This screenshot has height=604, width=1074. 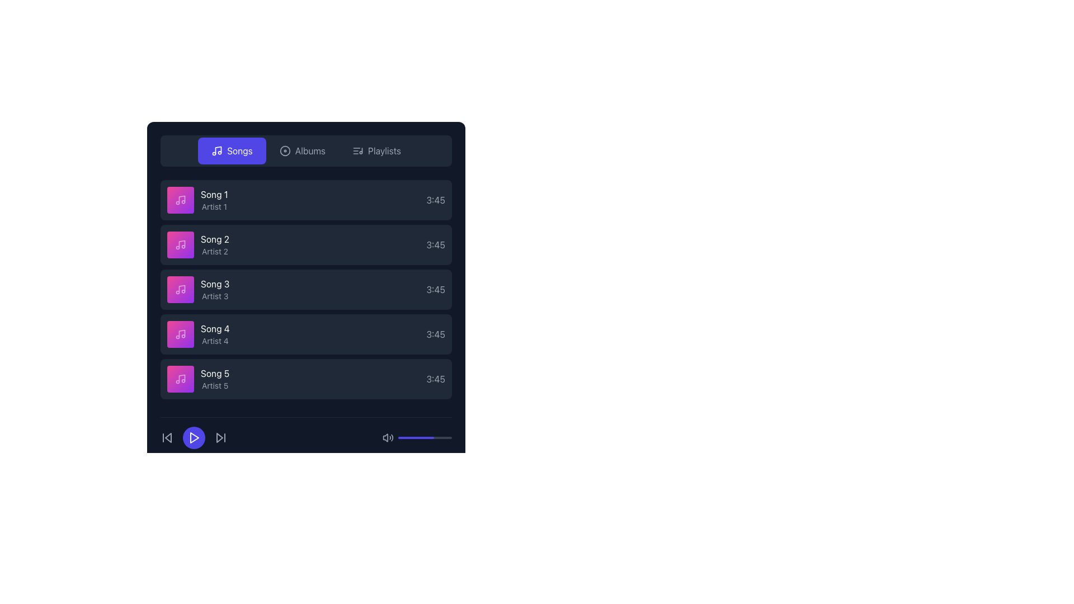 I want to click on text label that displays the title of the song, located in the third row of the list, below 'Song 2' and above 'Song 4', so click(x=215, y=284).